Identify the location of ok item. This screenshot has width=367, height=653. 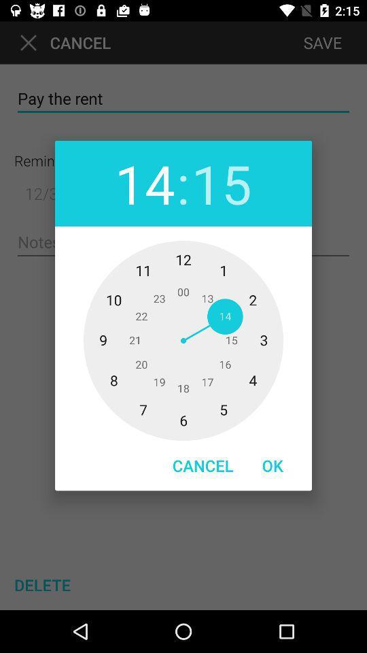
(273, 465).